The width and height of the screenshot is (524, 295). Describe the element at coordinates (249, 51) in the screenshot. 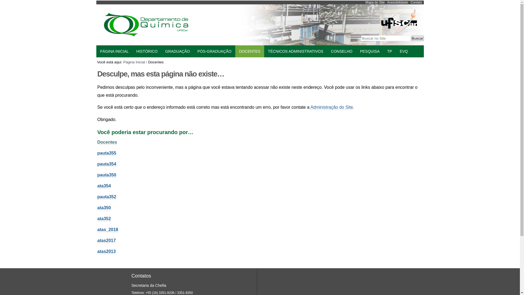

I see `'DOCENTES'` at that location.